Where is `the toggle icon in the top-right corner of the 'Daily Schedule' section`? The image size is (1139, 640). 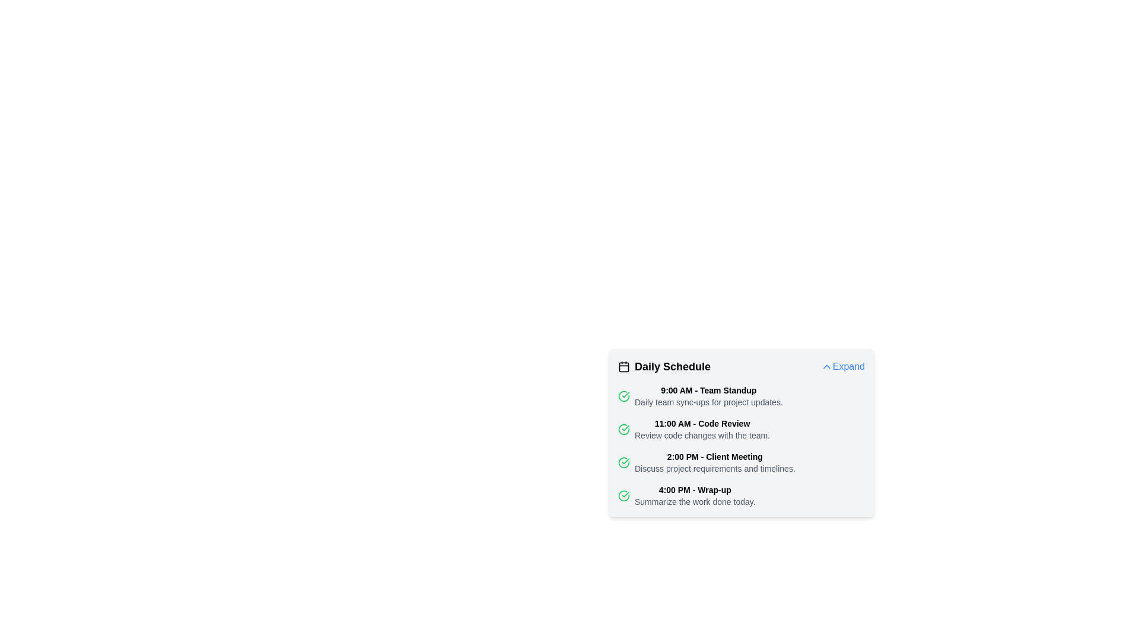 the toggle icon in the top-right corner of the 'Daily Schedule' section is located at coordinates (826, 366).